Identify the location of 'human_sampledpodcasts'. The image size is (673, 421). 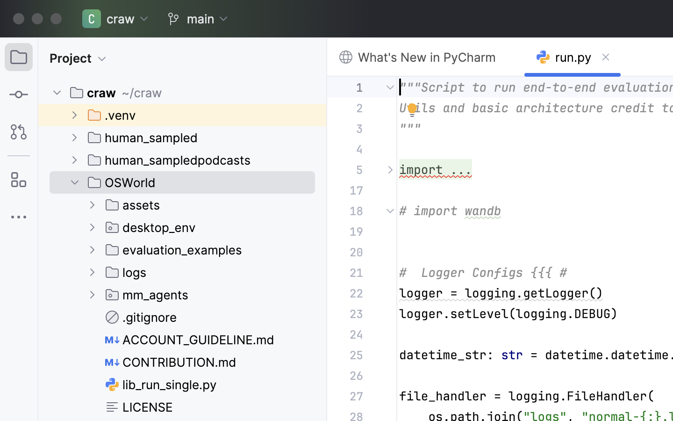
(169, 160).